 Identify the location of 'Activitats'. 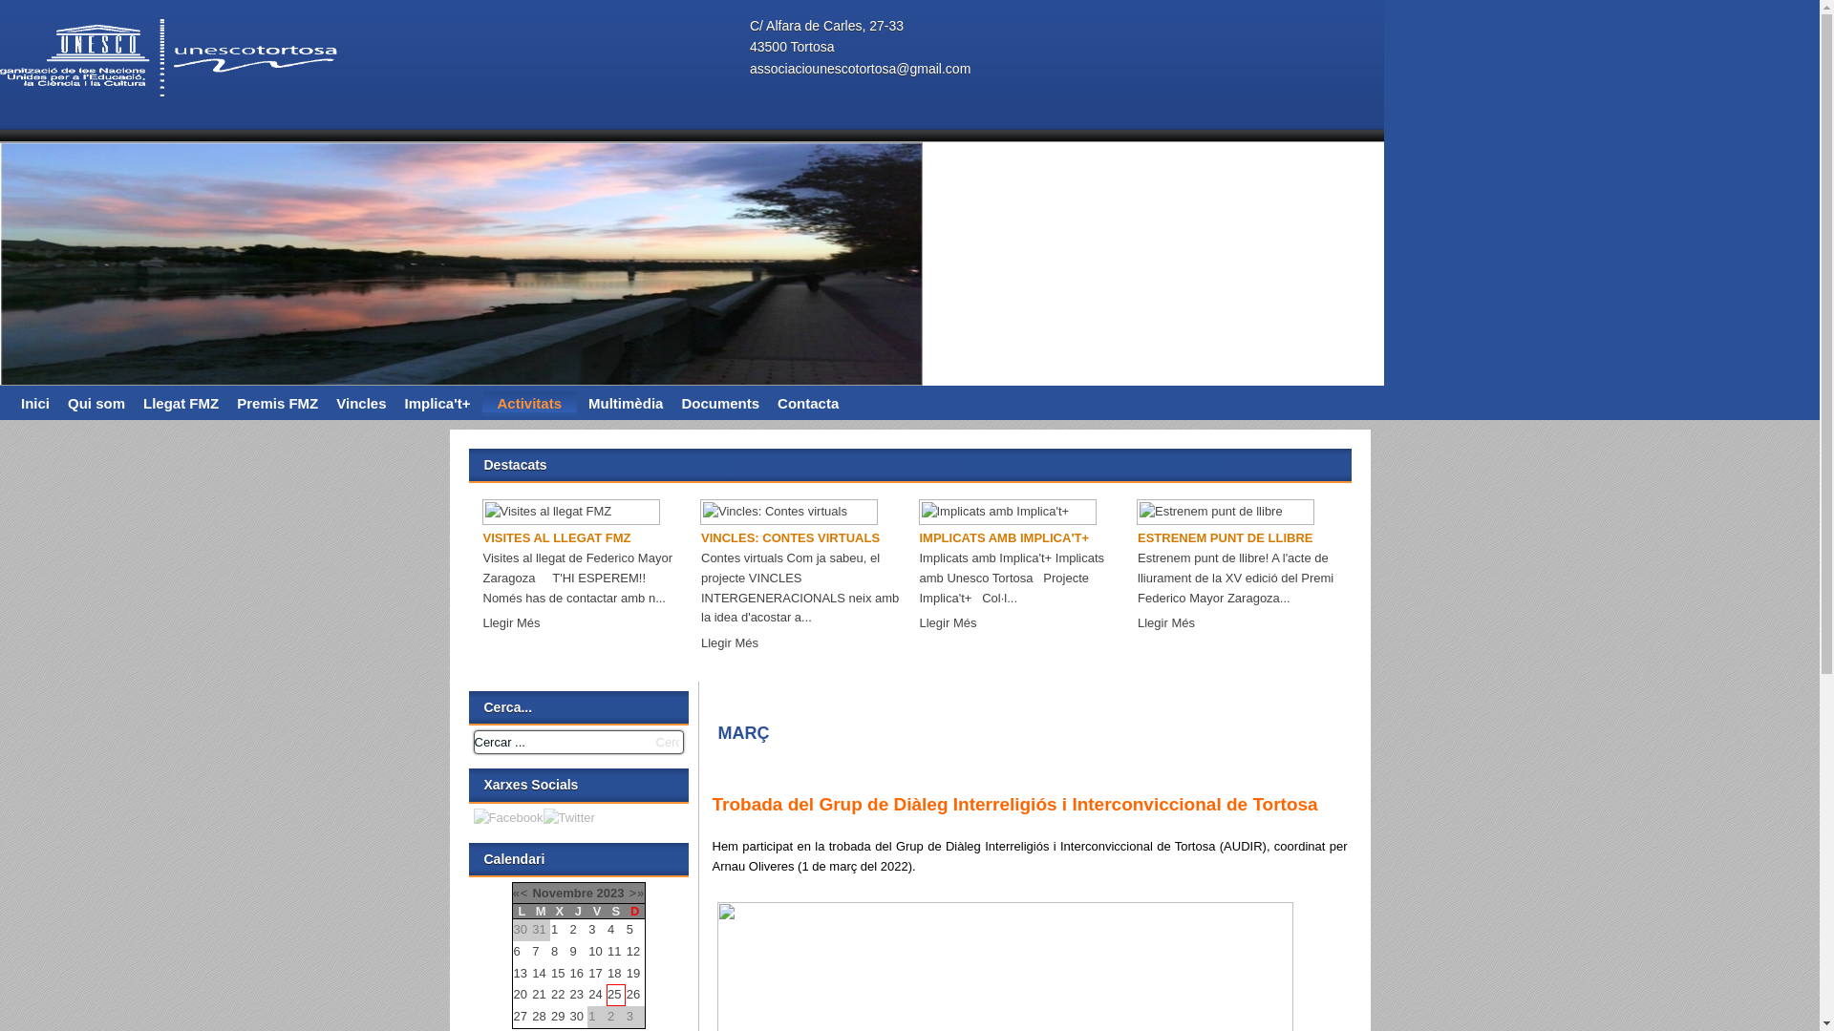
(481, 403).